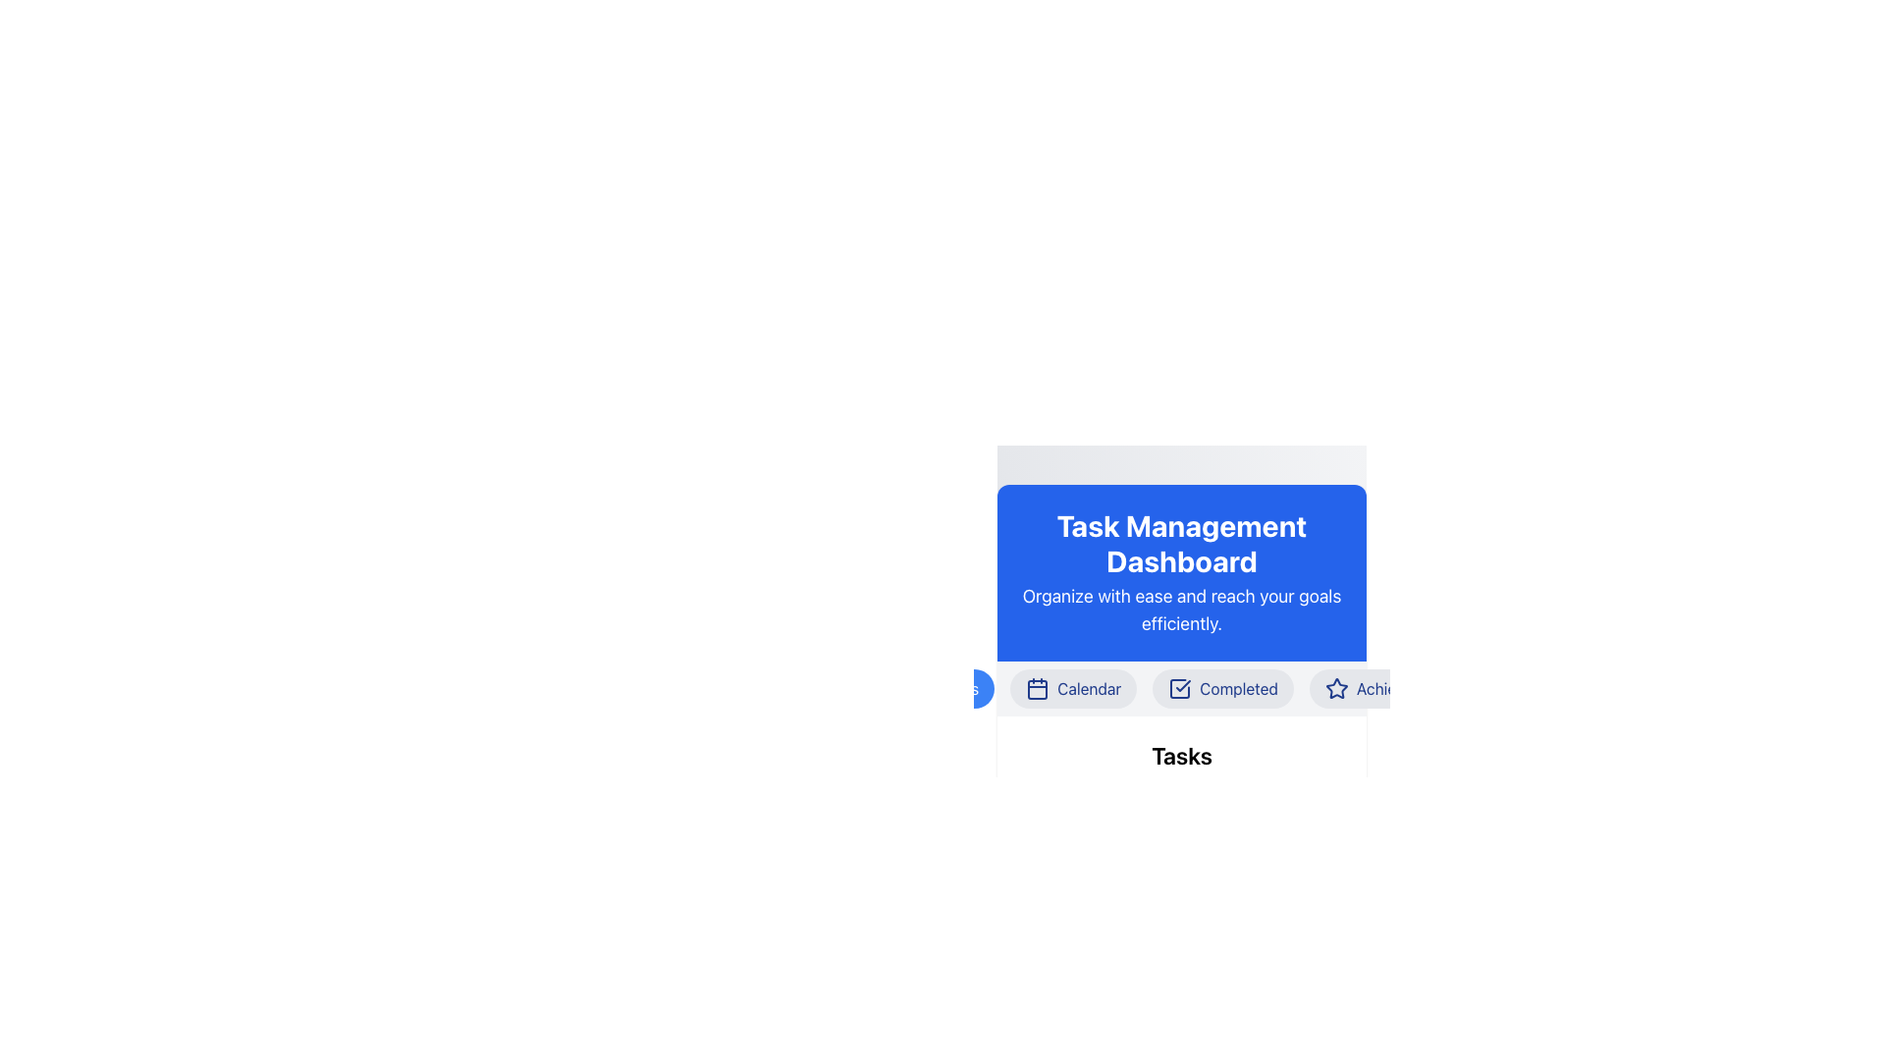  I want to click on the navigation buttons located on the header and navigation panel to go to specific sections of the task management dashboard, so click(1181, 739).